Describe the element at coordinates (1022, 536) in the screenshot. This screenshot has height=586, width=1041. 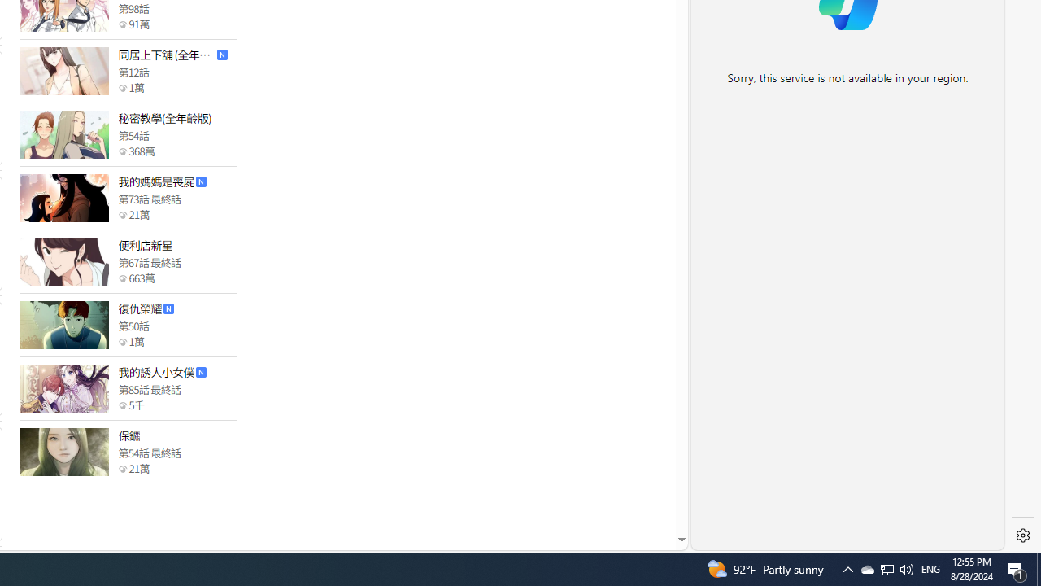
I see `'Settings'` at that location.